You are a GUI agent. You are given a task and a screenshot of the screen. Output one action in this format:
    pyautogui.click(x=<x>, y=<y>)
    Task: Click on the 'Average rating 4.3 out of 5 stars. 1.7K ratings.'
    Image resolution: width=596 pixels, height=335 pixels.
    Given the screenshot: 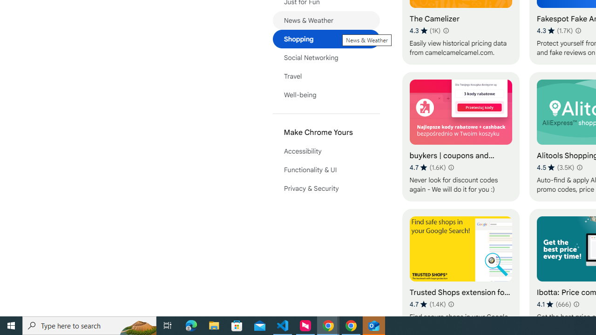 What is the action you would take?
    pyautogui.click(x=555, y=30)
    